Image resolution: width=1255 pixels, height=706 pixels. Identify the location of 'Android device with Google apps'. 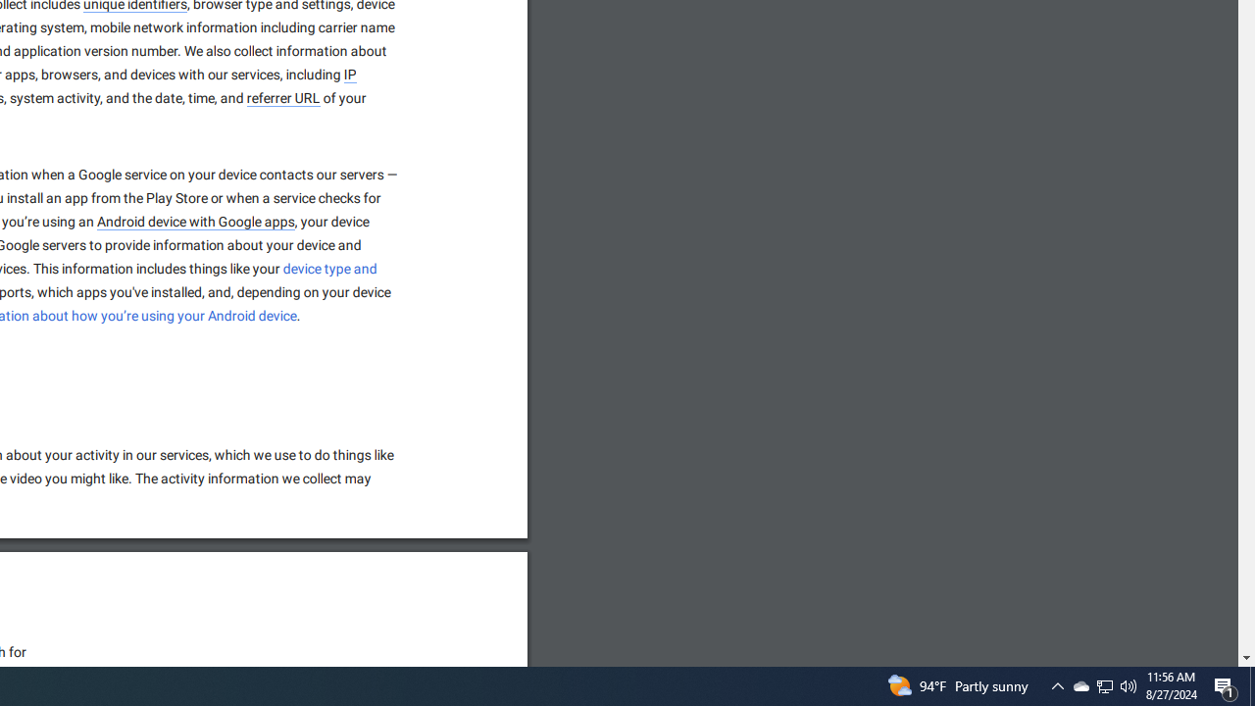
(196, 222).